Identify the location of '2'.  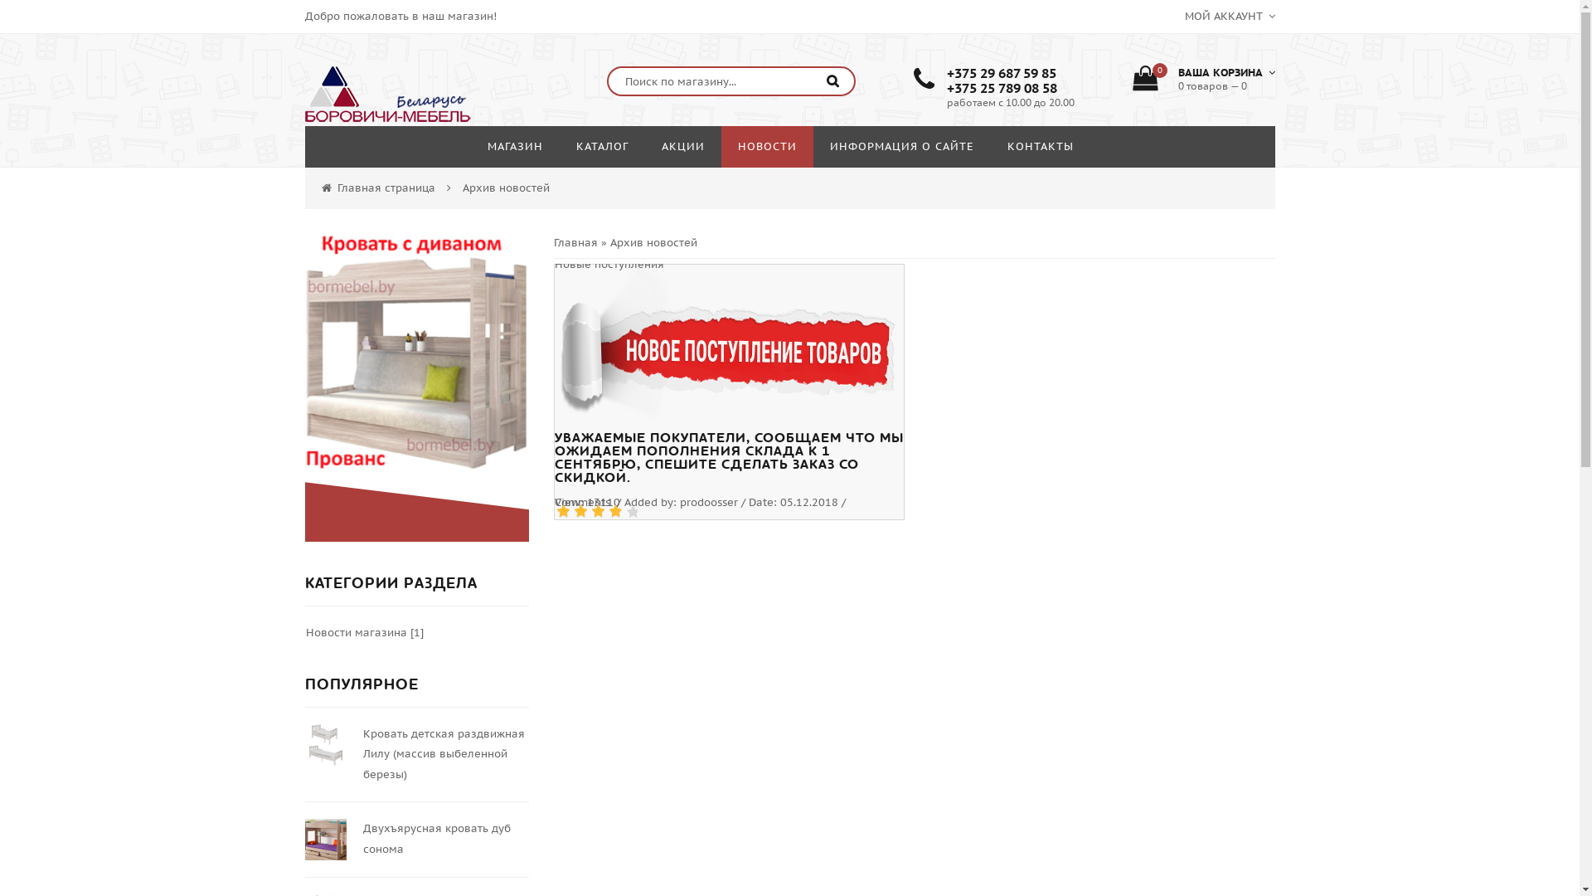
(580, 510).